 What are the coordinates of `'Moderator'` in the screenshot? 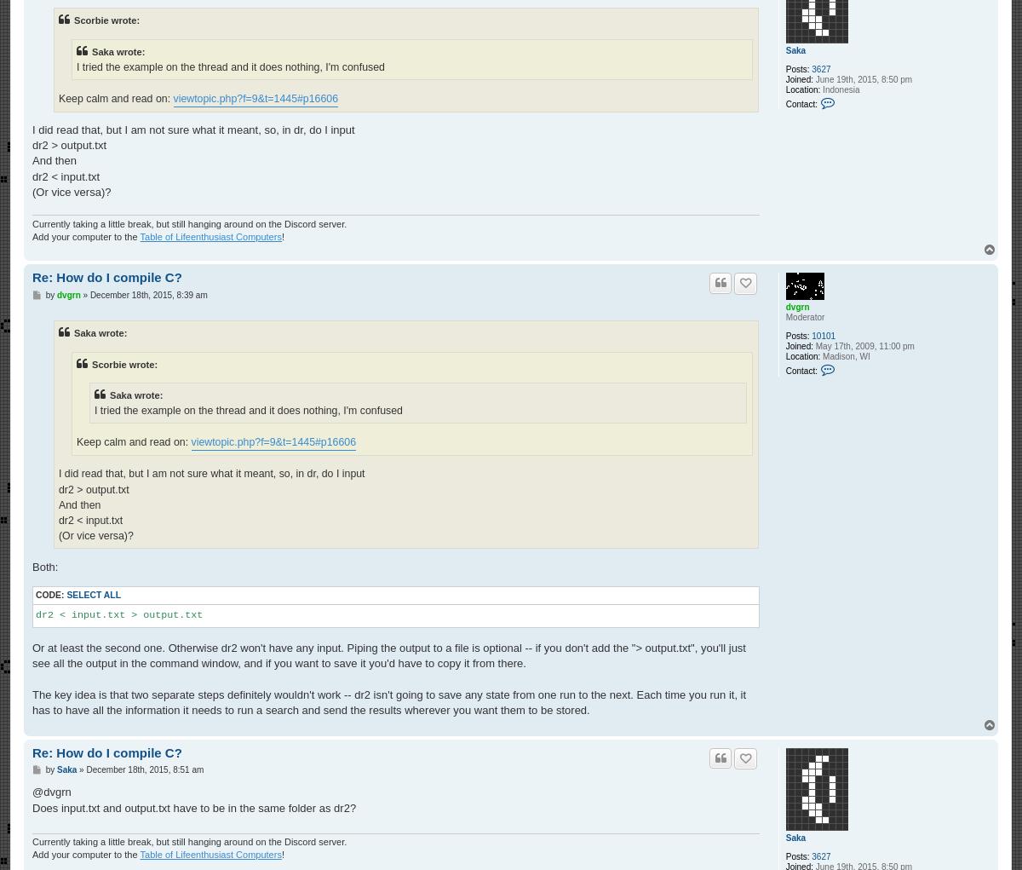 It's located at (805, 317).